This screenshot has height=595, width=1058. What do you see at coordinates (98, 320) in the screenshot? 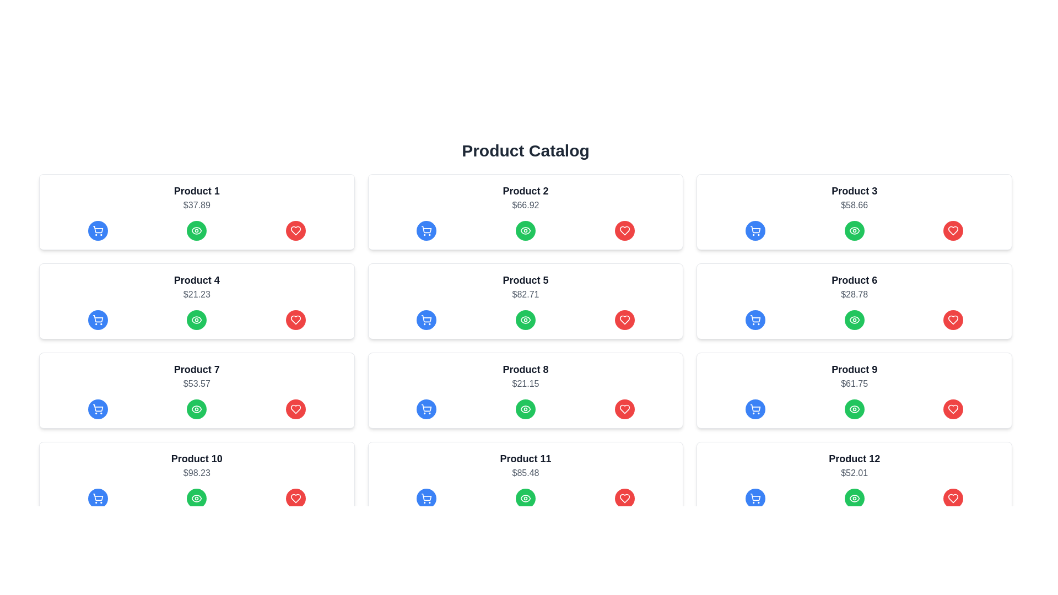
I see `the 'Add to Cart' button for 'Product 4' located in the control section beneath the product information` at bounding box center [98, 320].